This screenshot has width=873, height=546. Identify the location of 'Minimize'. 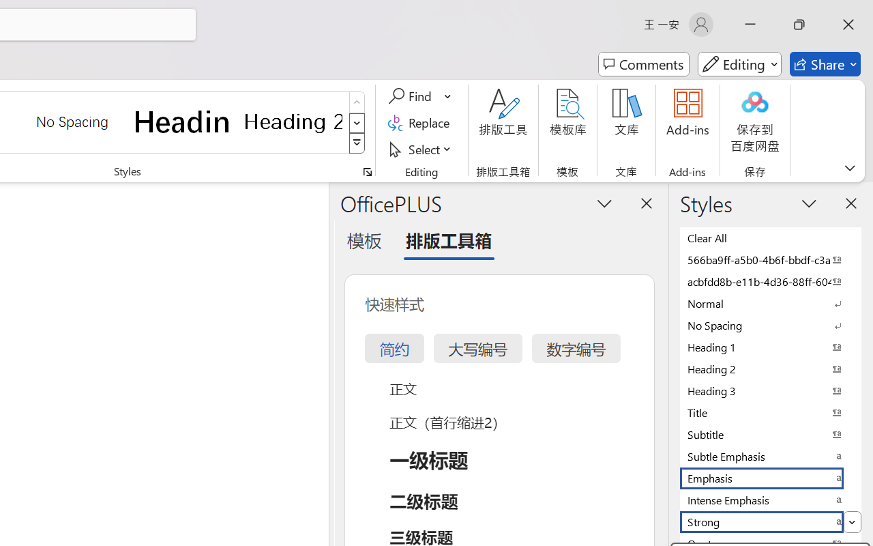
(750, 24).